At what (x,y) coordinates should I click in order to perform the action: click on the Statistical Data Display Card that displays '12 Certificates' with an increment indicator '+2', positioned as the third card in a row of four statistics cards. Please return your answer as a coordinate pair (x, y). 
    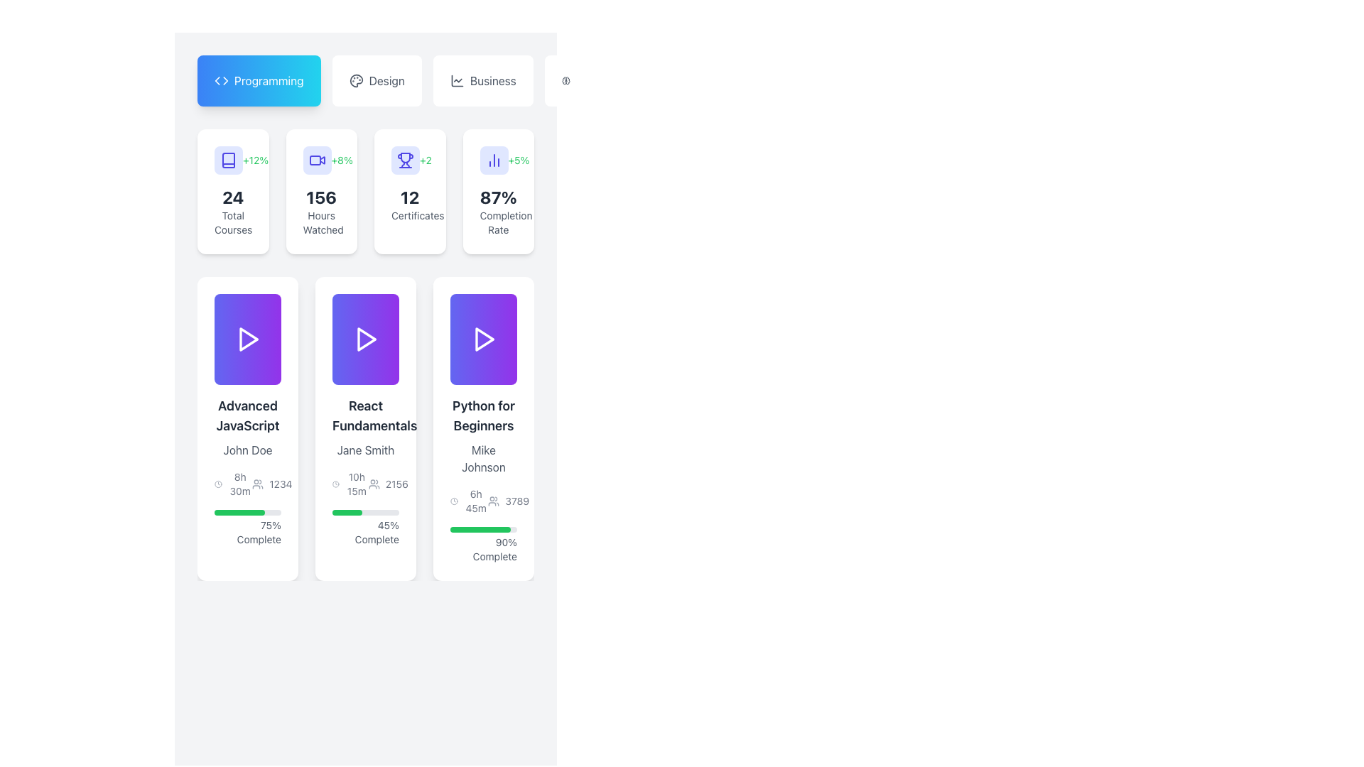
    Looking at the image, I should click on (365, 192).